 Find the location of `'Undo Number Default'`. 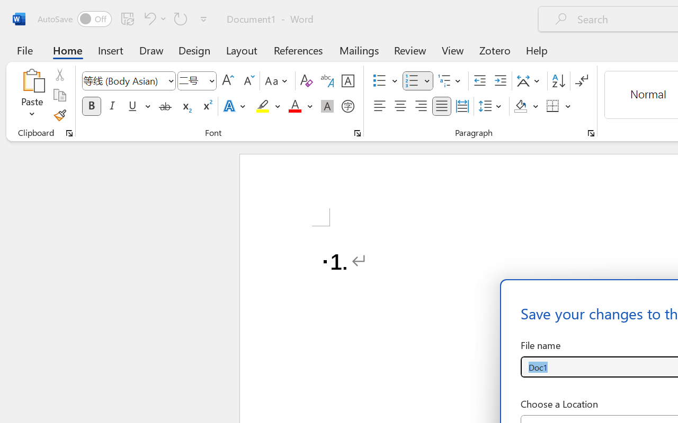

'Undo Number Default' is located at coordinates (148, 18).